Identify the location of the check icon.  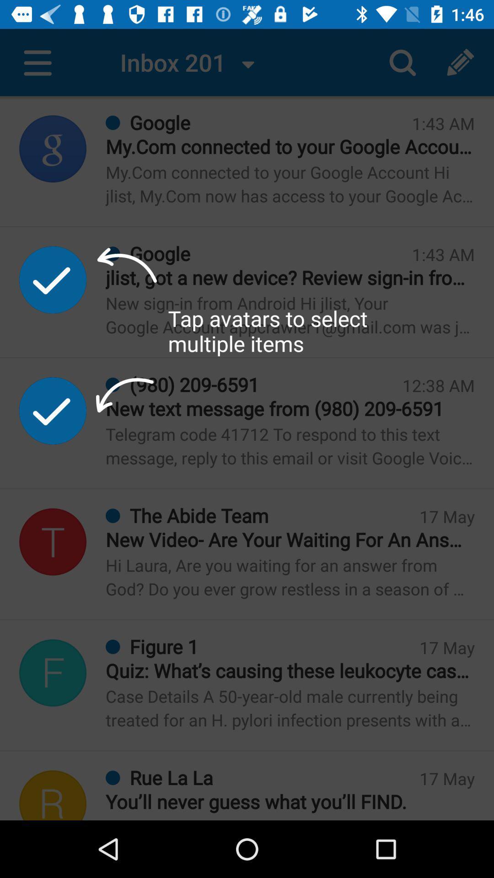
(53, 279).